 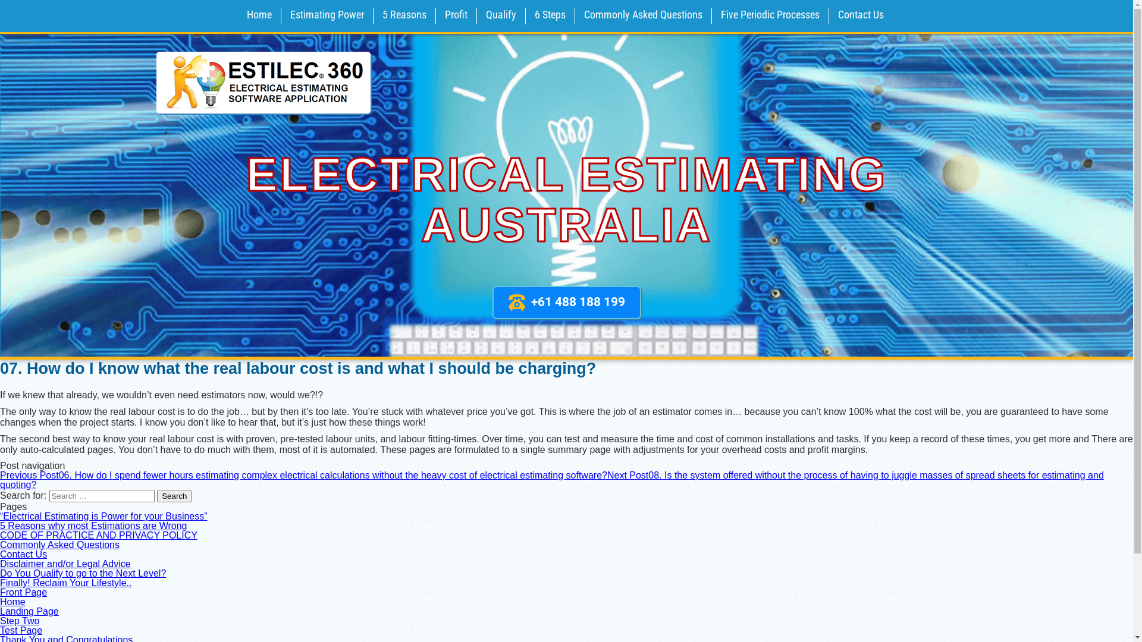 What do you see at coordinates (99, 535) in the screenshot?
I see `'CODE OF PRACTICE AND PRIVACY POLICY'` at bounding box center [99, 535].